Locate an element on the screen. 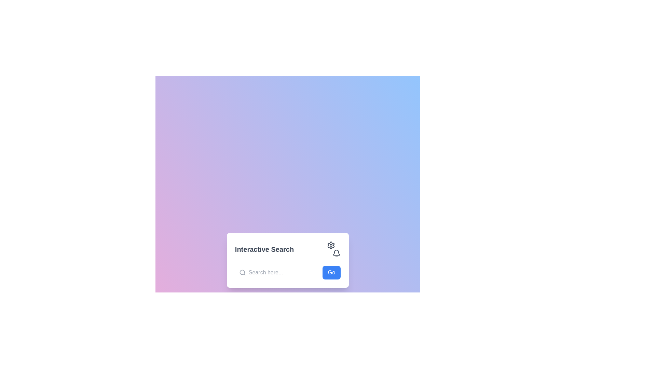 The image size is (656, 369). the text label that serves as a title or heading for a section, located at the center-bottom region of the interface is located at coordinates (264, 249).